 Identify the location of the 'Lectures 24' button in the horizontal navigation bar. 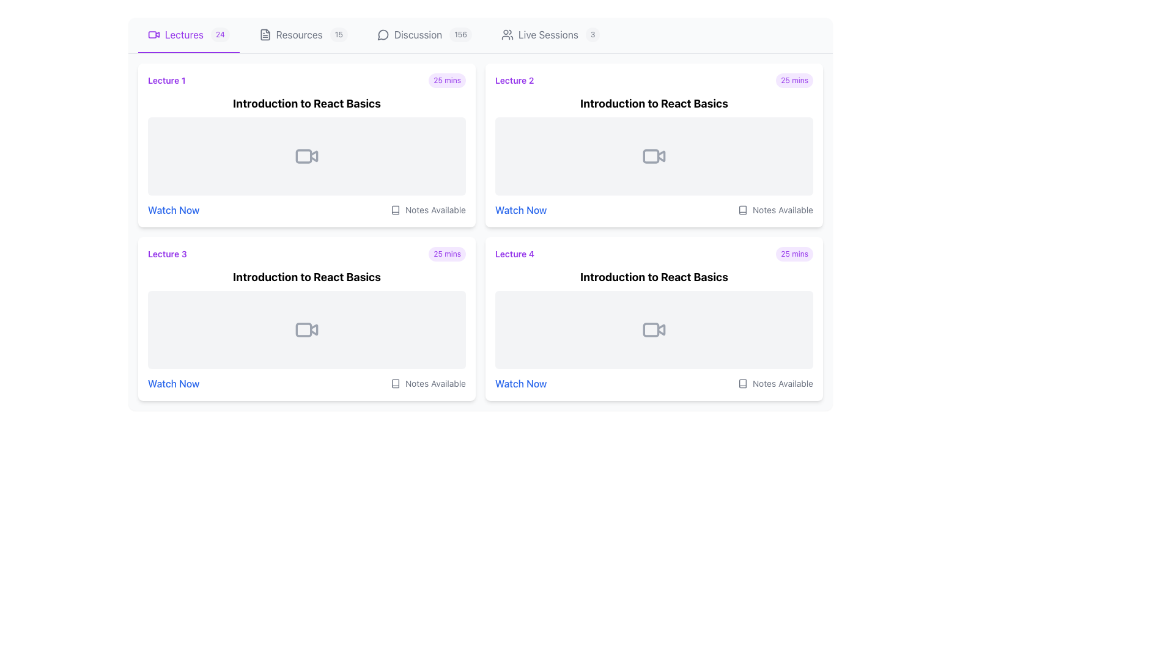
(188, 34).